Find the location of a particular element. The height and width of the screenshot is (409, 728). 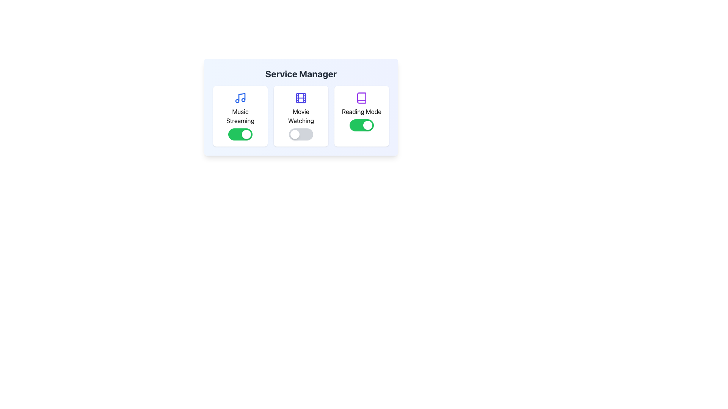

the 'Movie Watching' card element, which features a film strip icon, the label 'Movie Watching', and a toggle switch at the bottom is located at coordinates (300, 116).